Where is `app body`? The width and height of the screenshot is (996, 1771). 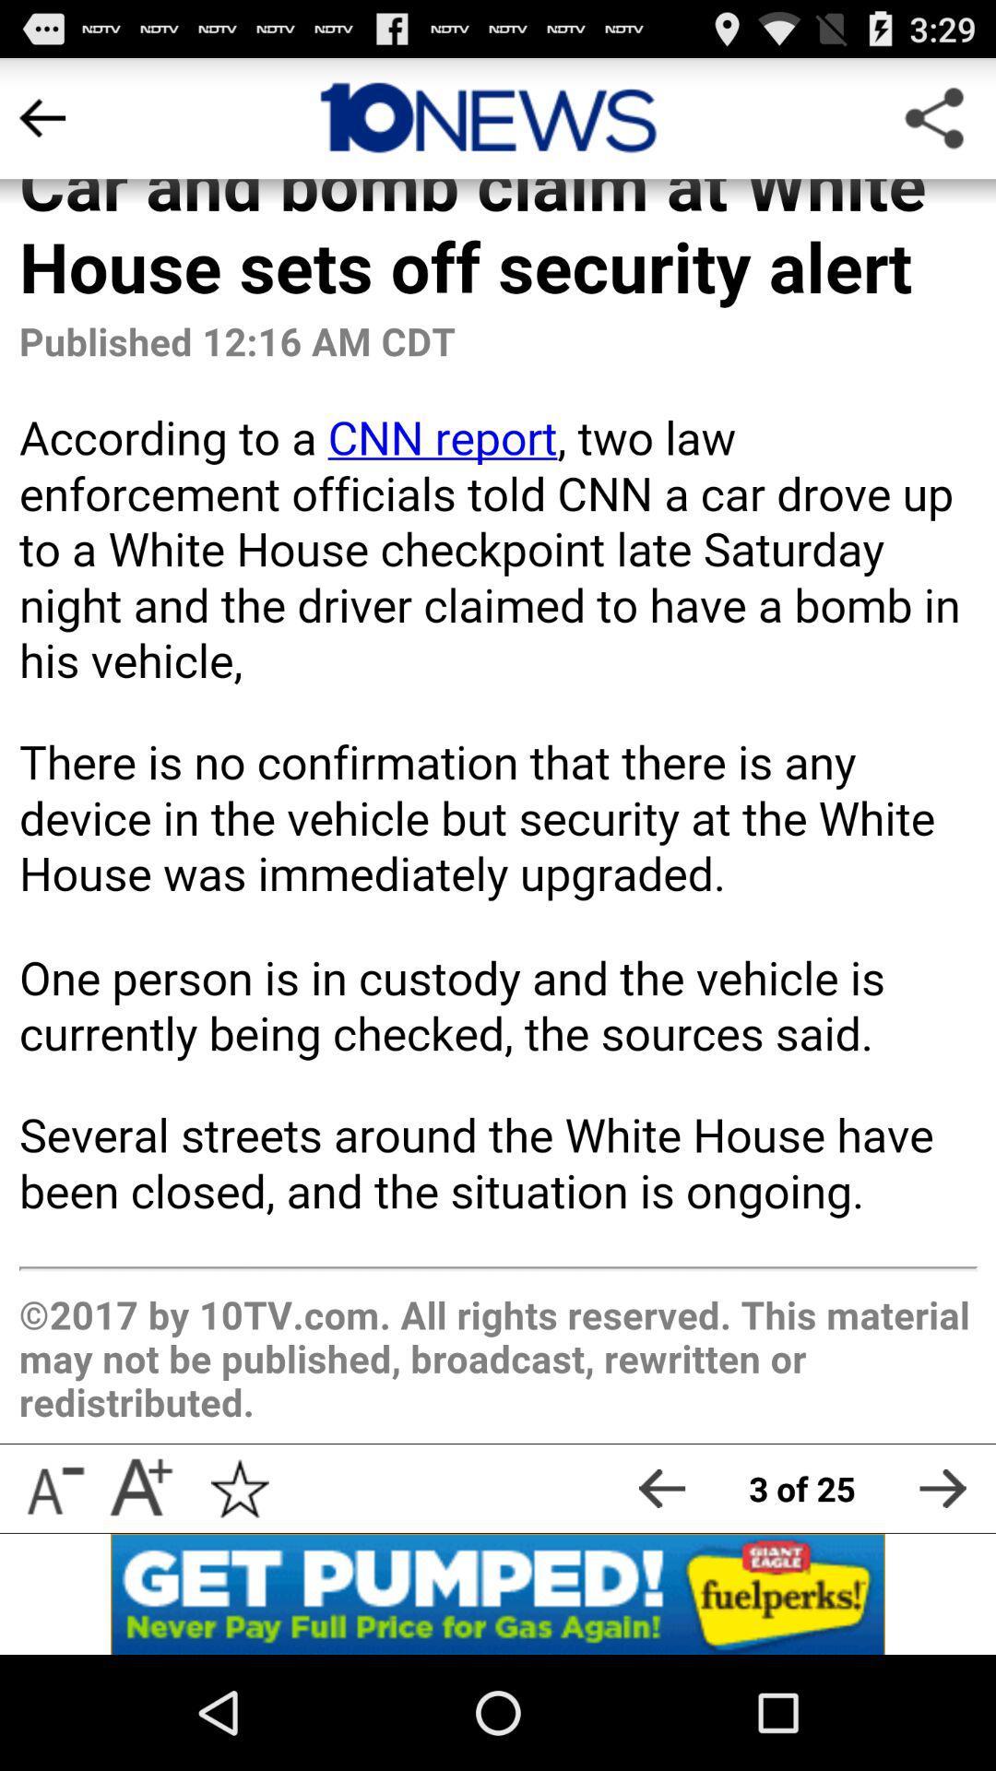 app body is located at coordinates (498, 751).